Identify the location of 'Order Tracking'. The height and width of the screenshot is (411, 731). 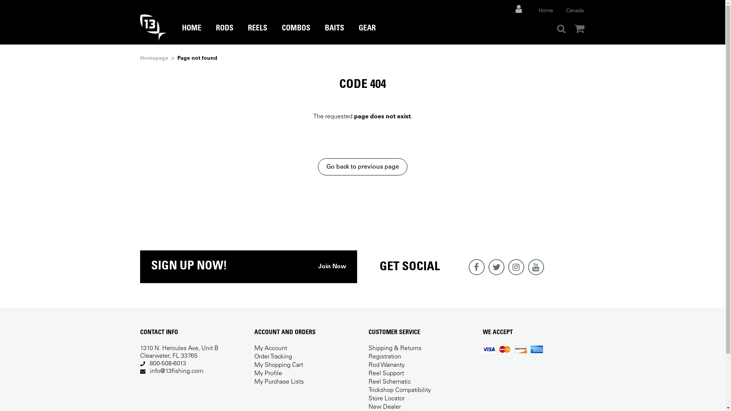
(273, 357).